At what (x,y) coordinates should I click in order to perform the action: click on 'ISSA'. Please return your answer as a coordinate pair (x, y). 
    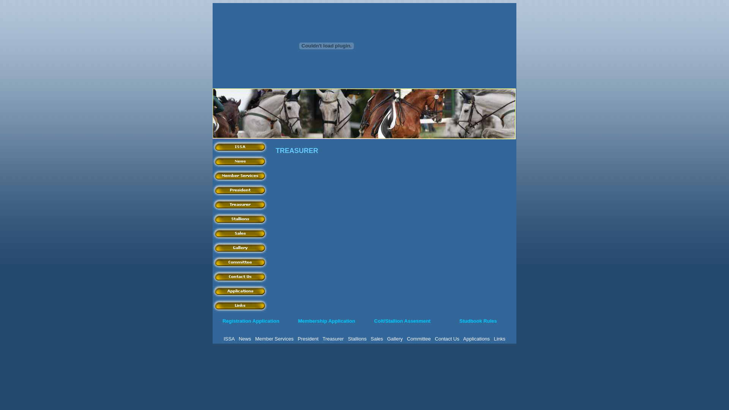
    Looking at the image, I should click on (229, 338).